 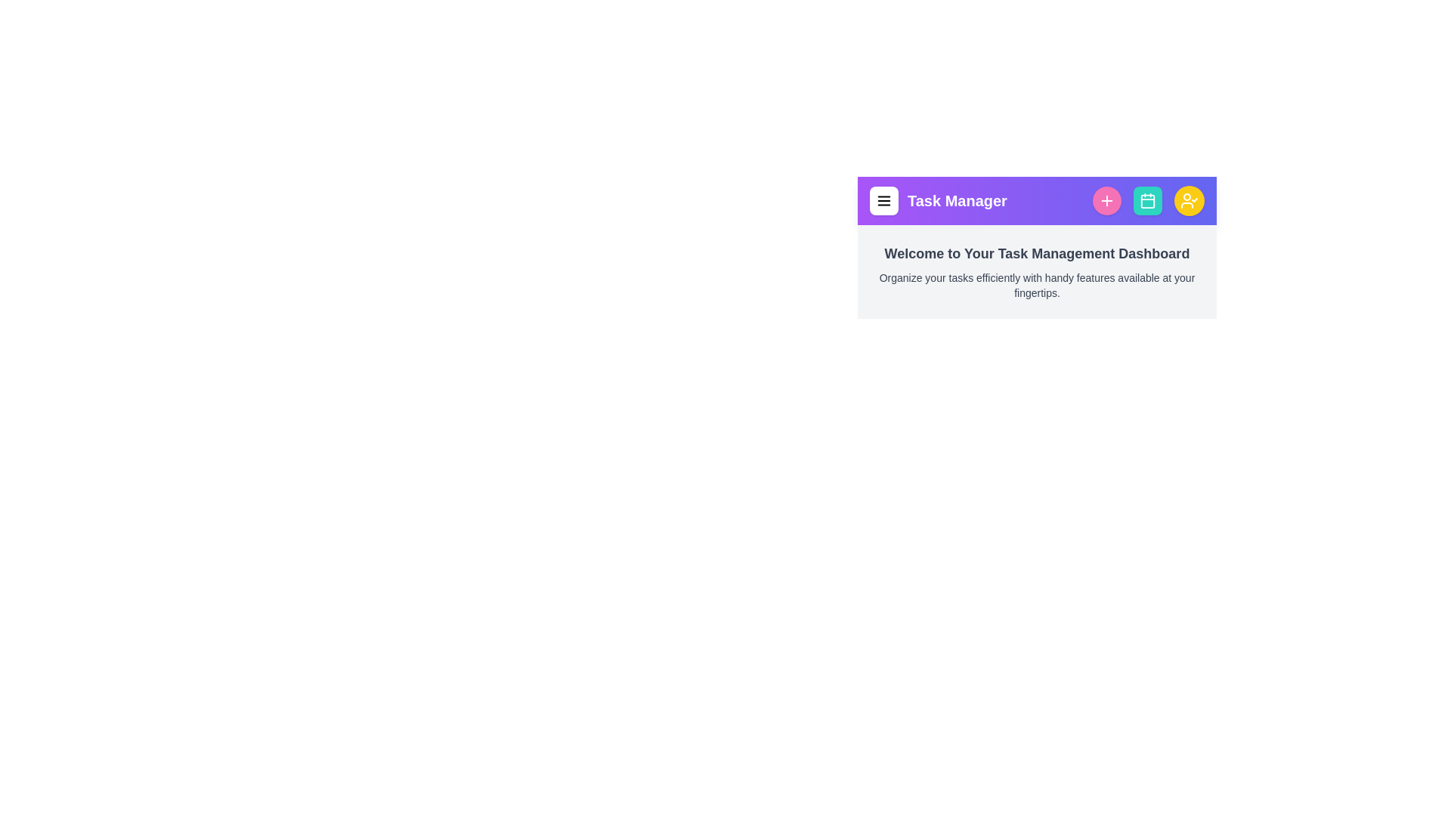 What do you see at coordinates (1189, 200) in the screenshot?
I see `the user check button to manage users` at bounding box center [1189, 200].